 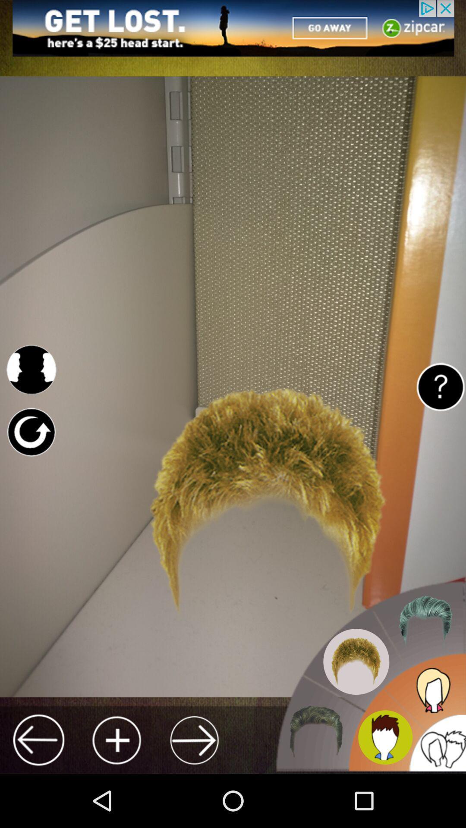 What do you see at coordinates (31, 432) in the screenshot?
I see `reloading the option` at bounding box center [31, 432].